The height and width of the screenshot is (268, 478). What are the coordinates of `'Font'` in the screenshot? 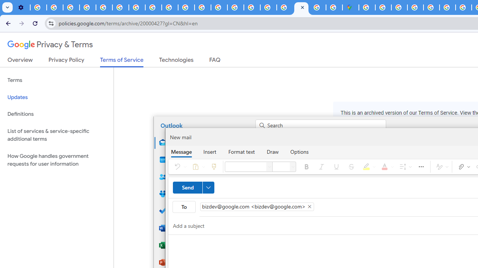 It's located at (269, 166).